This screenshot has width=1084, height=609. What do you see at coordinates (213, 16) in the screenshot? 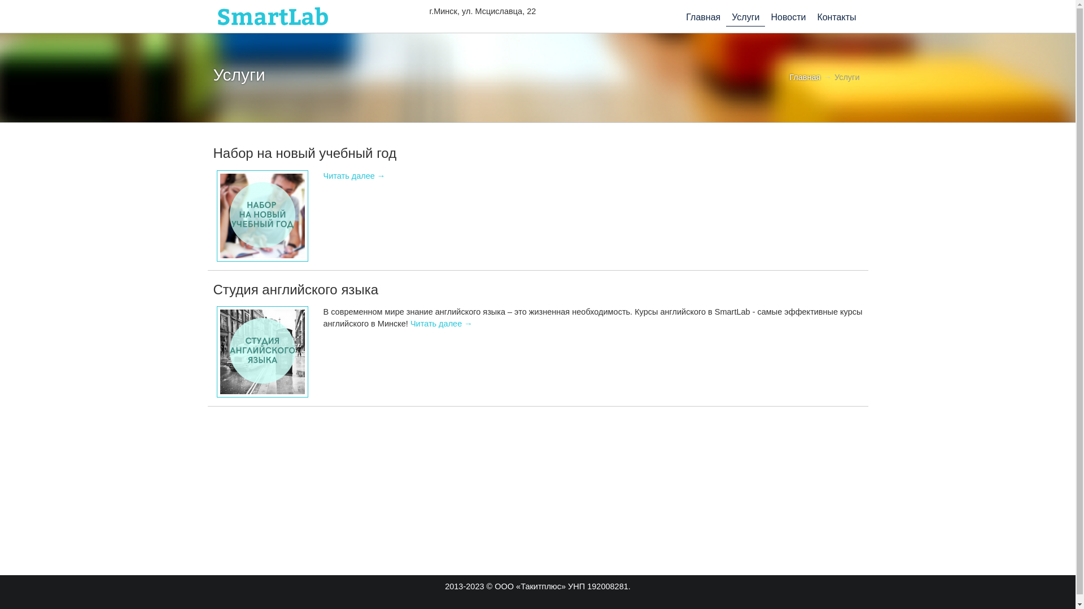
I see `'centernewton.by'` at bounding box center [213, 16].